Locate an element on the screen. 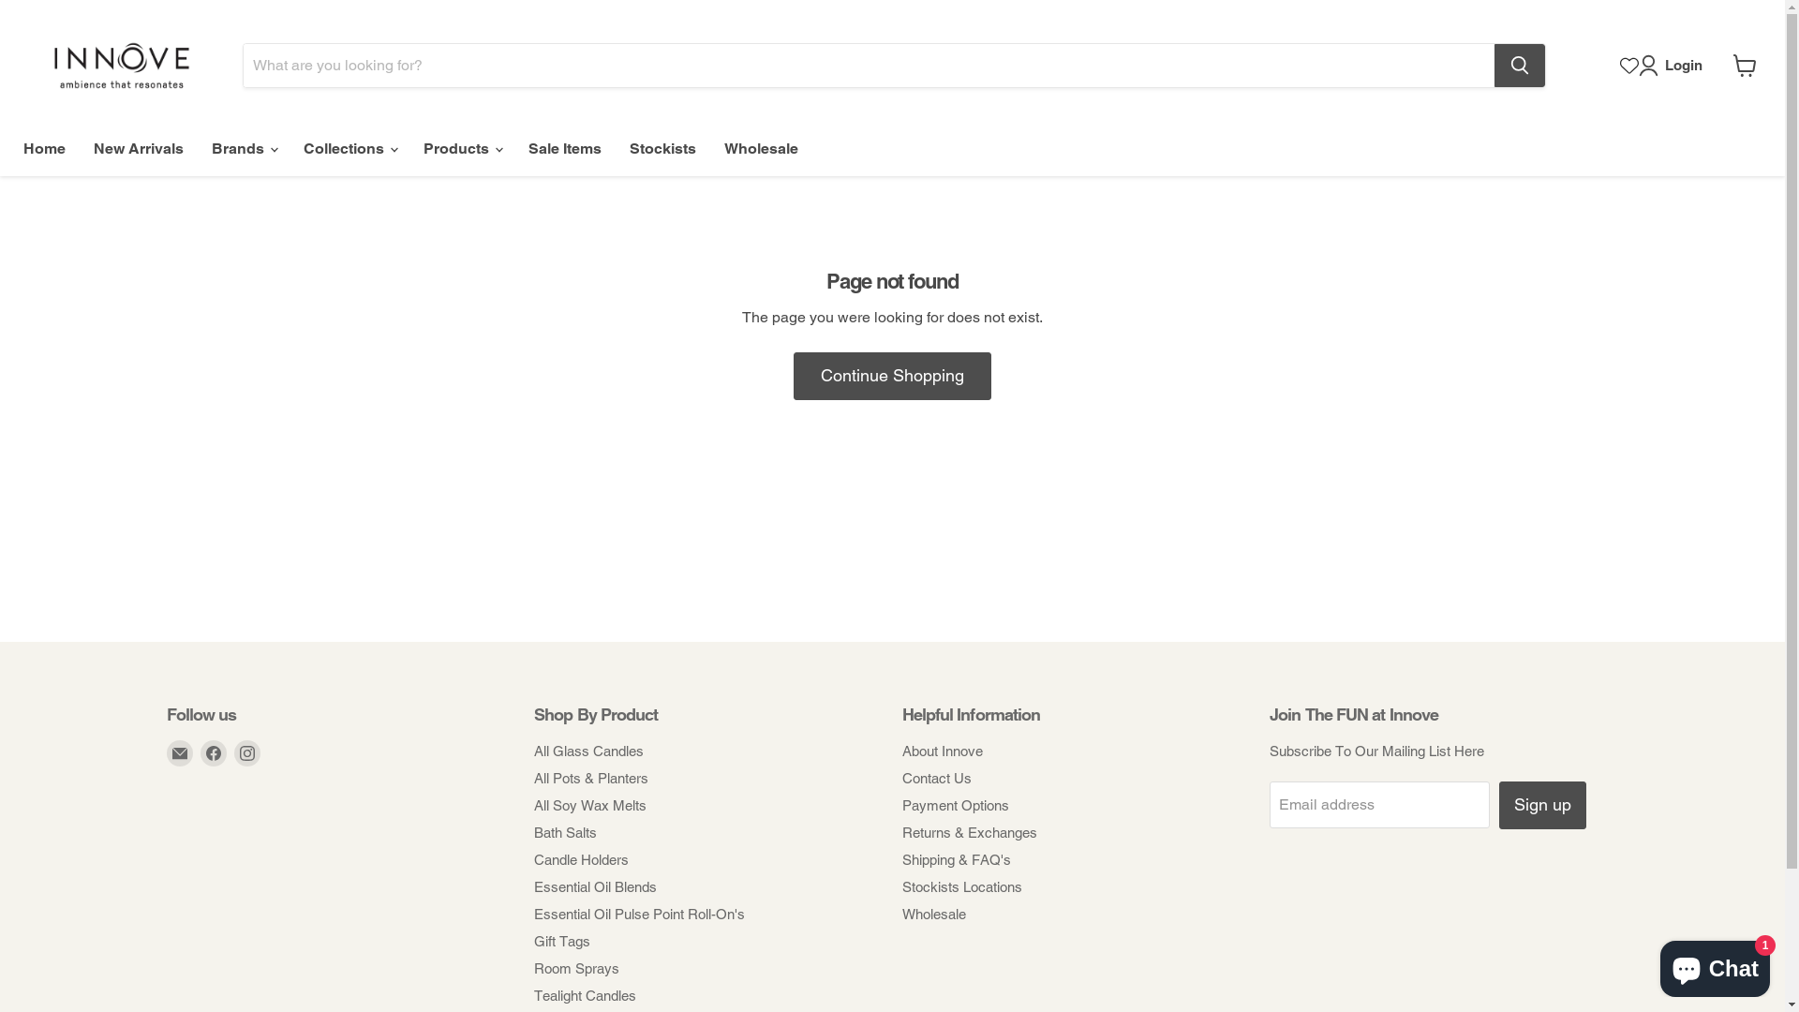 Image resolution: width=1799 pixels, height=1012 pixels. 'All Soy Wax Melts' is located at coordinates (588, 804).